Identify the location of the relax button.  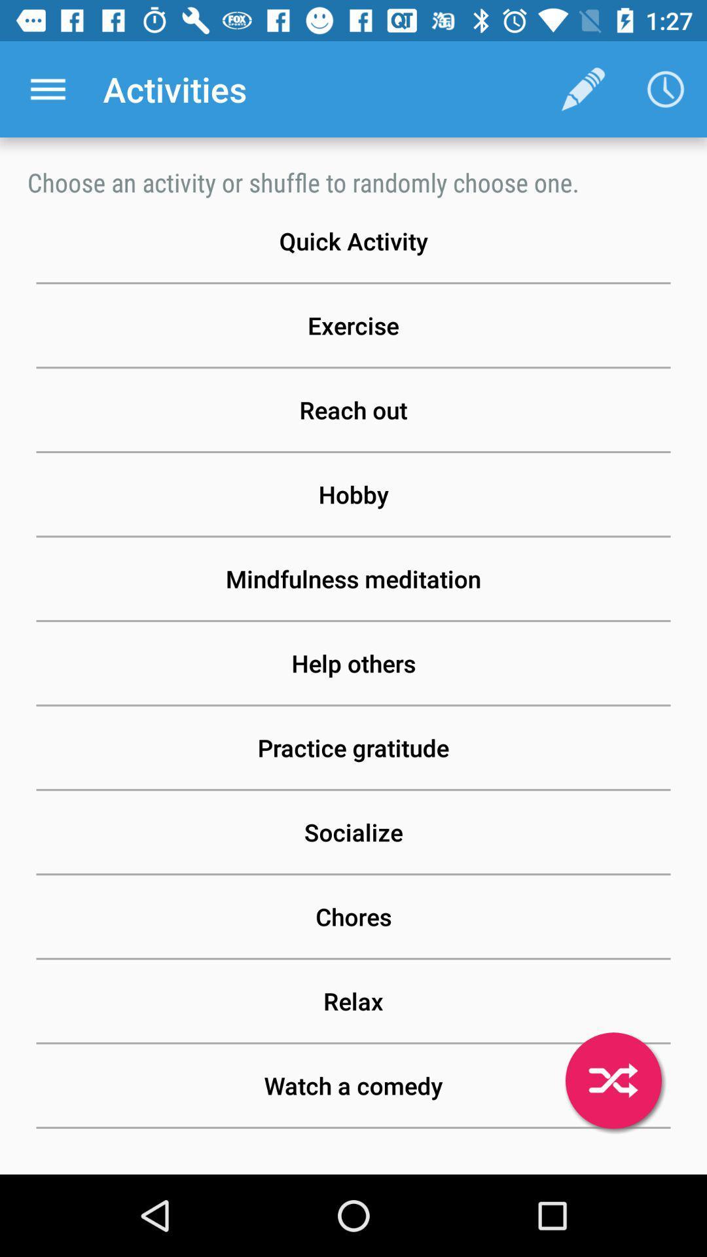
(353, 1000).